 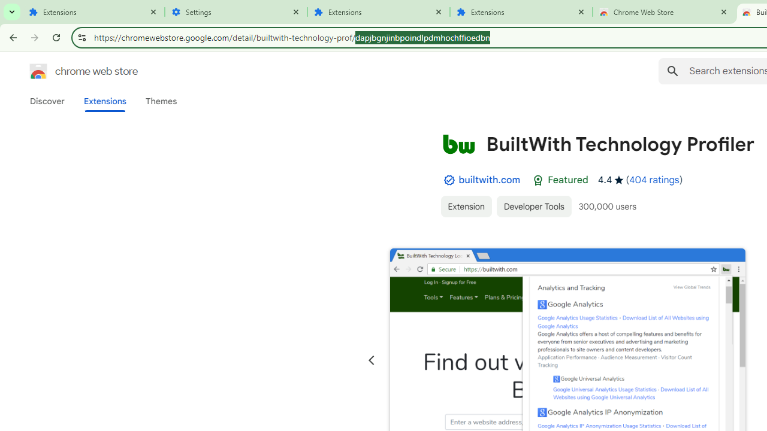 I want to click on 'Reload', so click(x=56, y=37).